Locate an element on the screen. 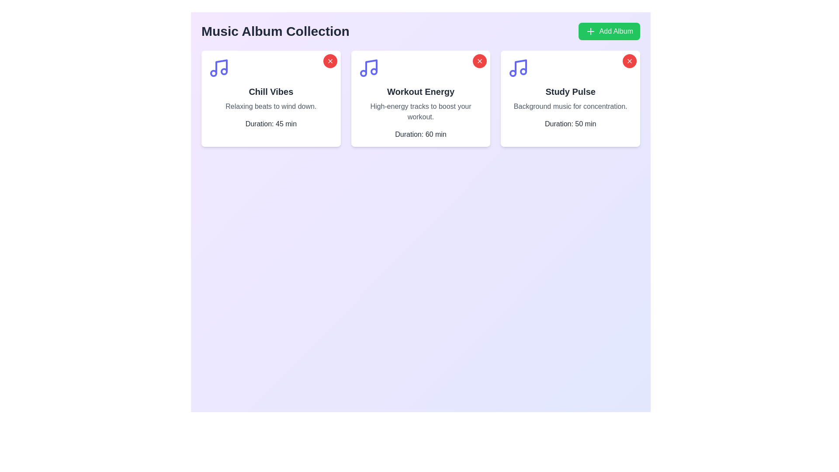 Image resolution: width=839 pixels, height=472 pixels. the music icon located at the top-left corner of the 'Workout Energy' card, prominently displayed above the title 'Workout Energy' is located at coordinates (368, 67).